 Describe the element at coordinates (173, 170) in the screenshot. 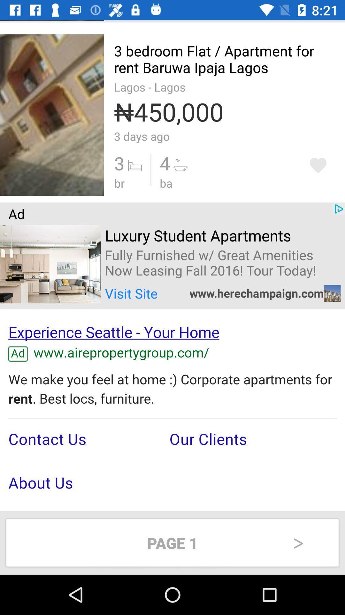

I see `the option which is beside 3` at that location.